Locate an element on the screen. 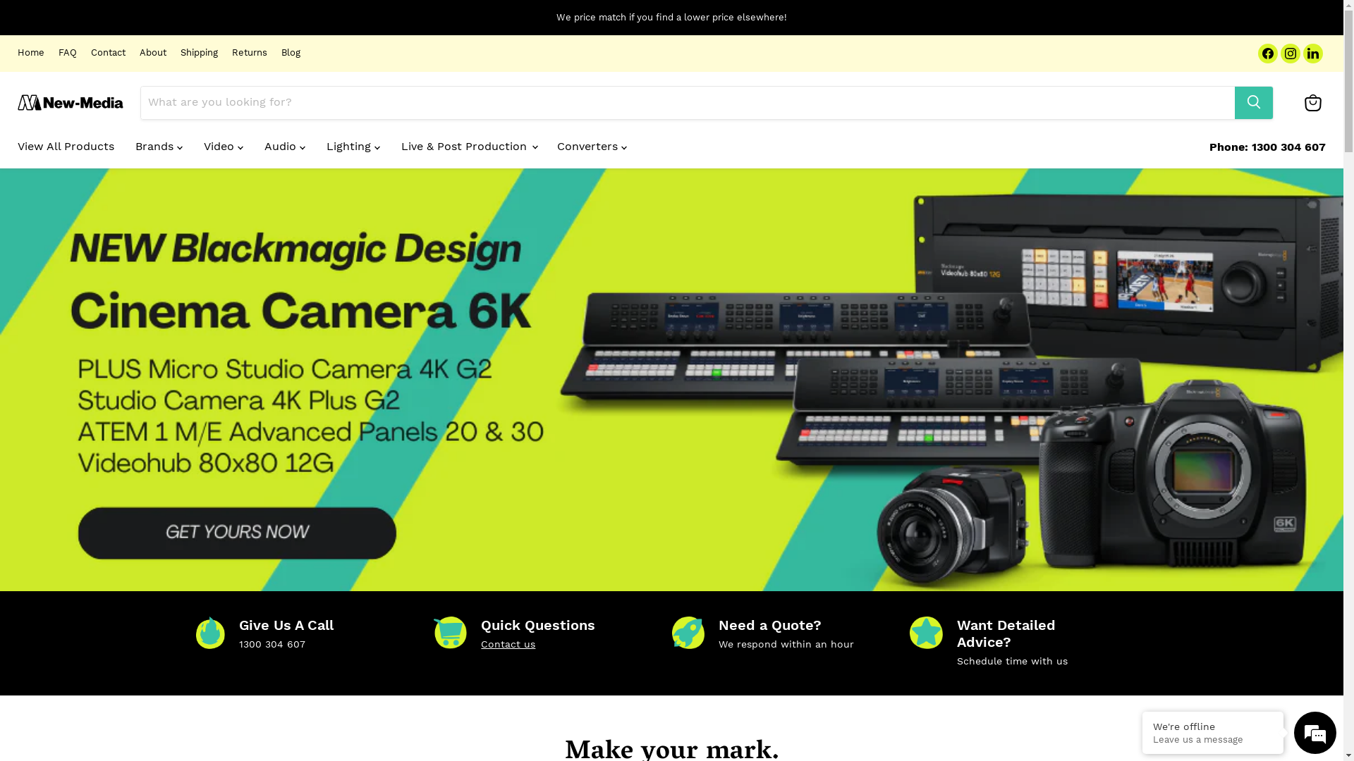  'Find us on Facebook' is located at coordinates (1258, 53).